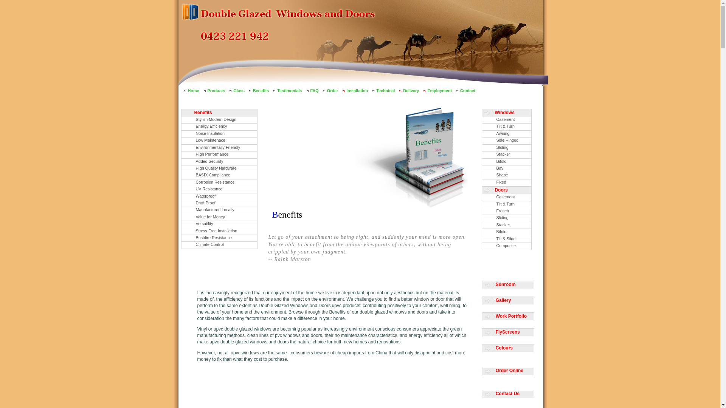 This screenshot has height=408, width=726. Describe the element at coordinates (233, 90) in the screenshot. I see `'Glass'` at that location.